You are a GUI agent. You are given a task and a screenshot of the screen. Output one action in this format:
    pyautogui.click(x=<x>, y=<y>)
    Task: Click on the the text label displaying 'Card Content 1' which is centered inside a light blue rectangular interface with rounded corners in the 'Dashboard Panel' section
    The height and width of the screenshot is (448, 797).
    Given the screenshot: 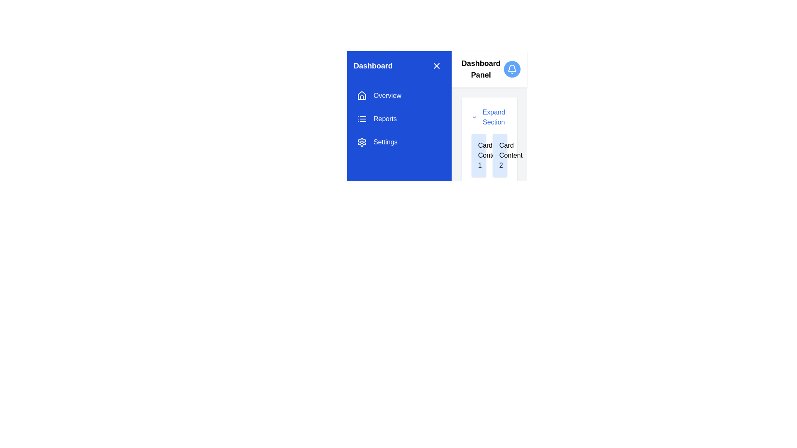 What is the action you would take?
    pyautogui.click(x=479, y=155)
    